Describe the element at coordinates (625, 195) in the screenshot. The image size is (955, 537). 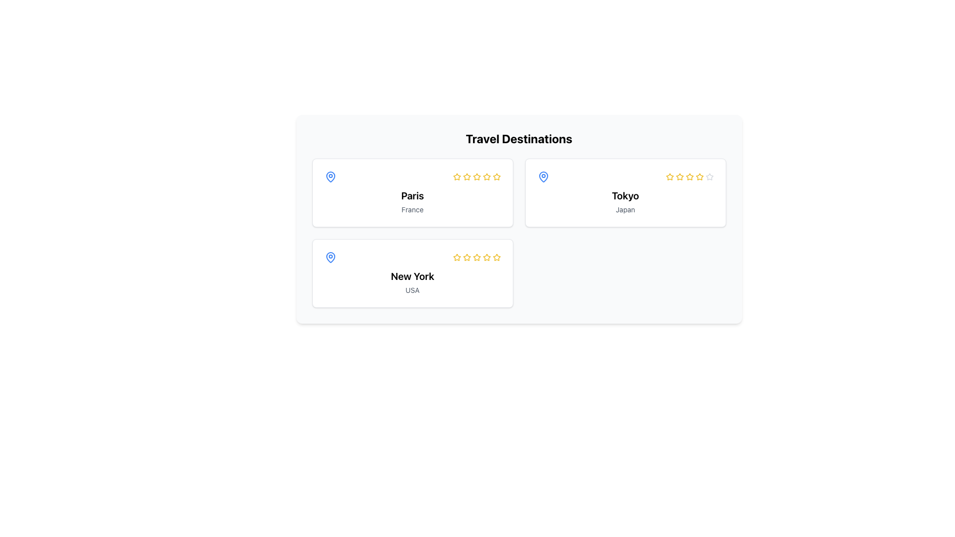
I see `the Text Label displaying 'Tokyo', located in the upper section of a card layout on the right side of the grid, above 'Japan' and between icons and rating stars` at that location.